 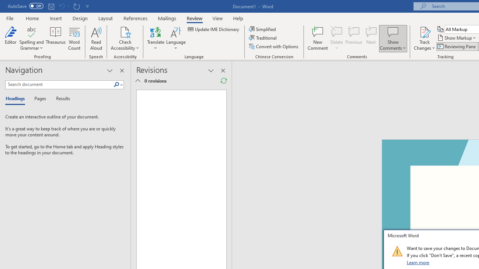 I want to click on 'Check Accessibility', so click(x=125, y=31).